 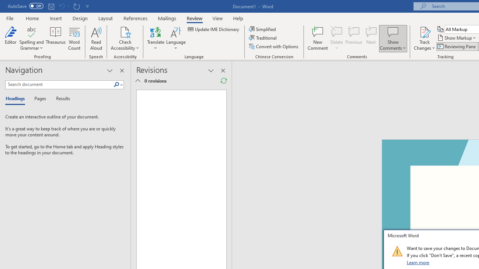 I want to click on 'Check Accessibility', so click(x=125, y=31).